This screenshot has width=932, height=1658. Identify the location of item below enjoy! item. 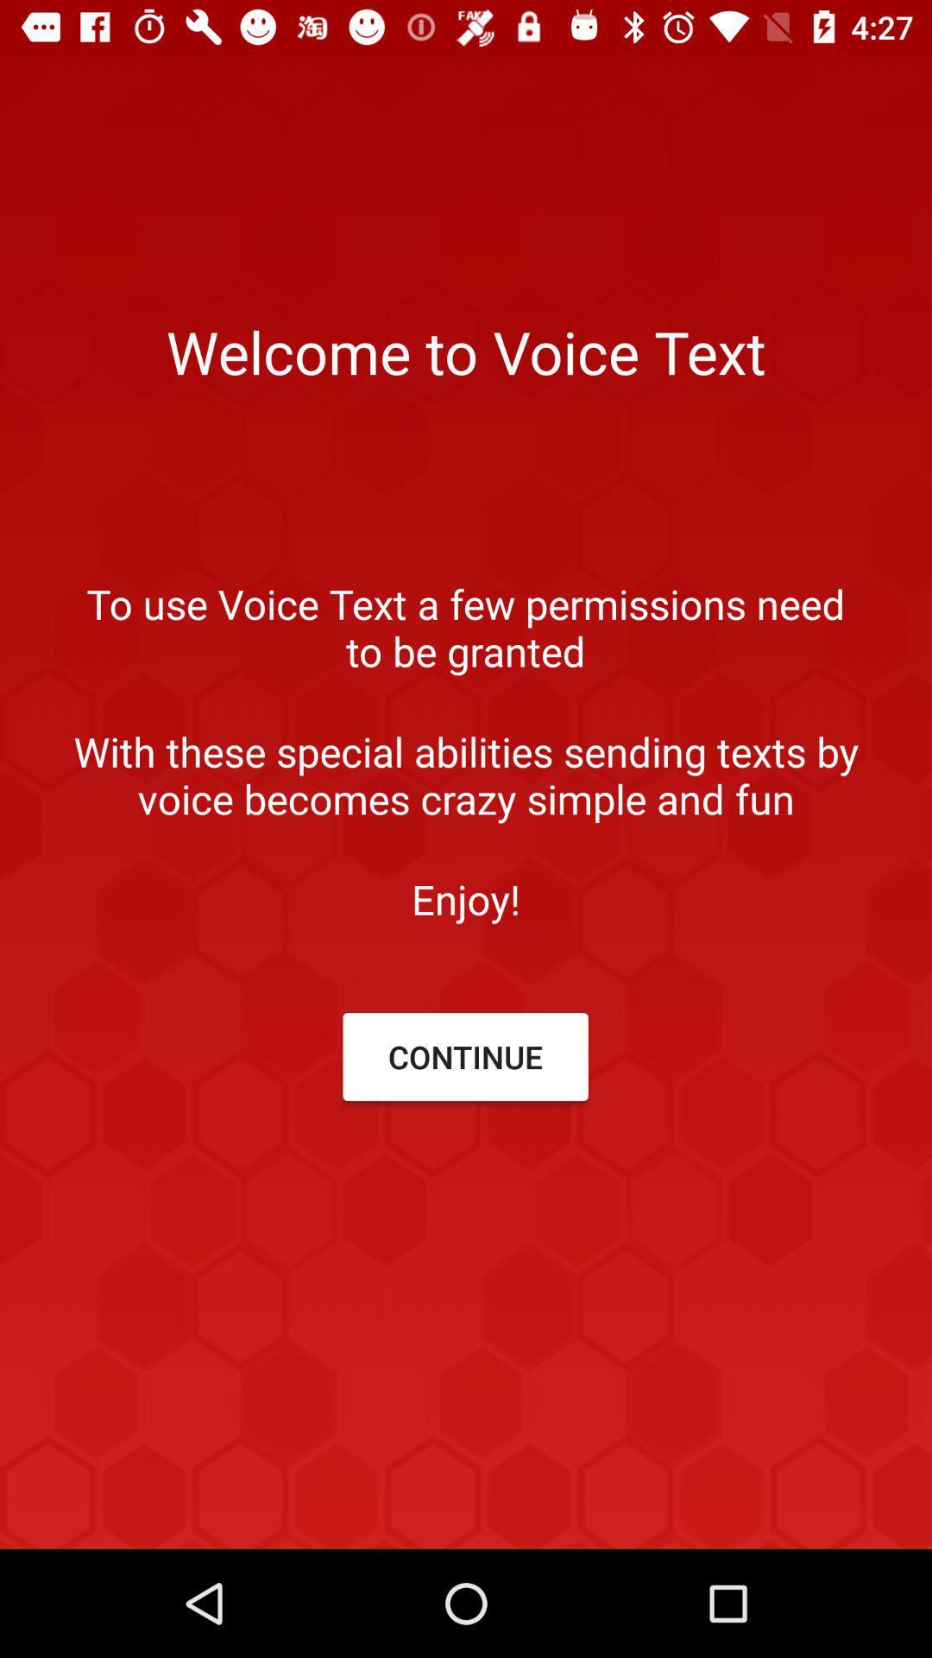
(464, 1056).